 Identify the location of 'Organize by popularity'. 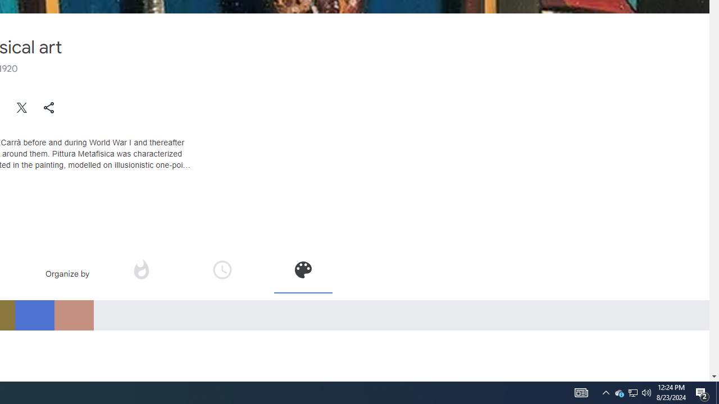
(140, 269).